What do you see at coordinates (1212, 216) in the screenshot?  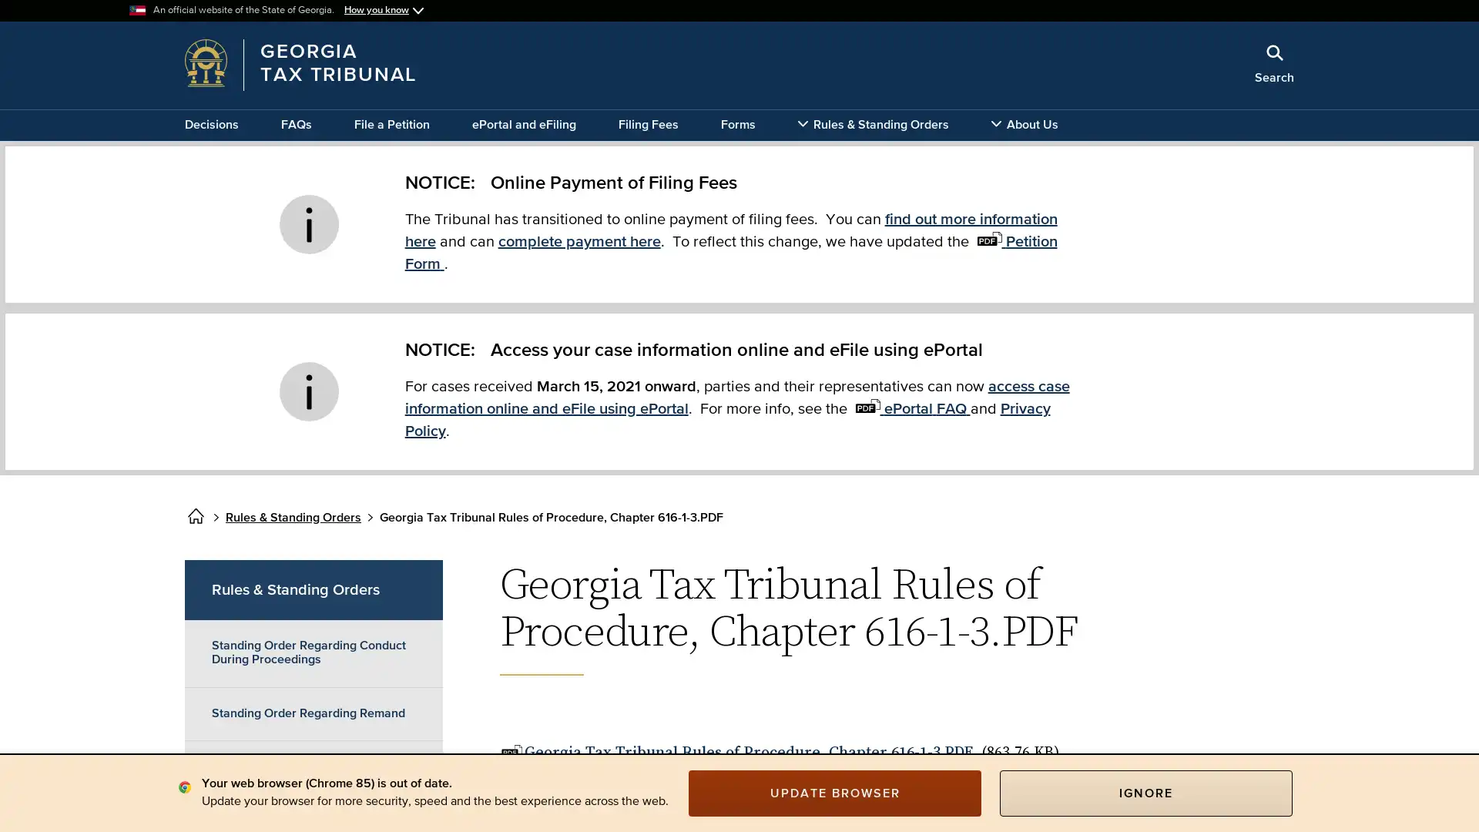 I see `Search` at bounding box center [1212, 216].